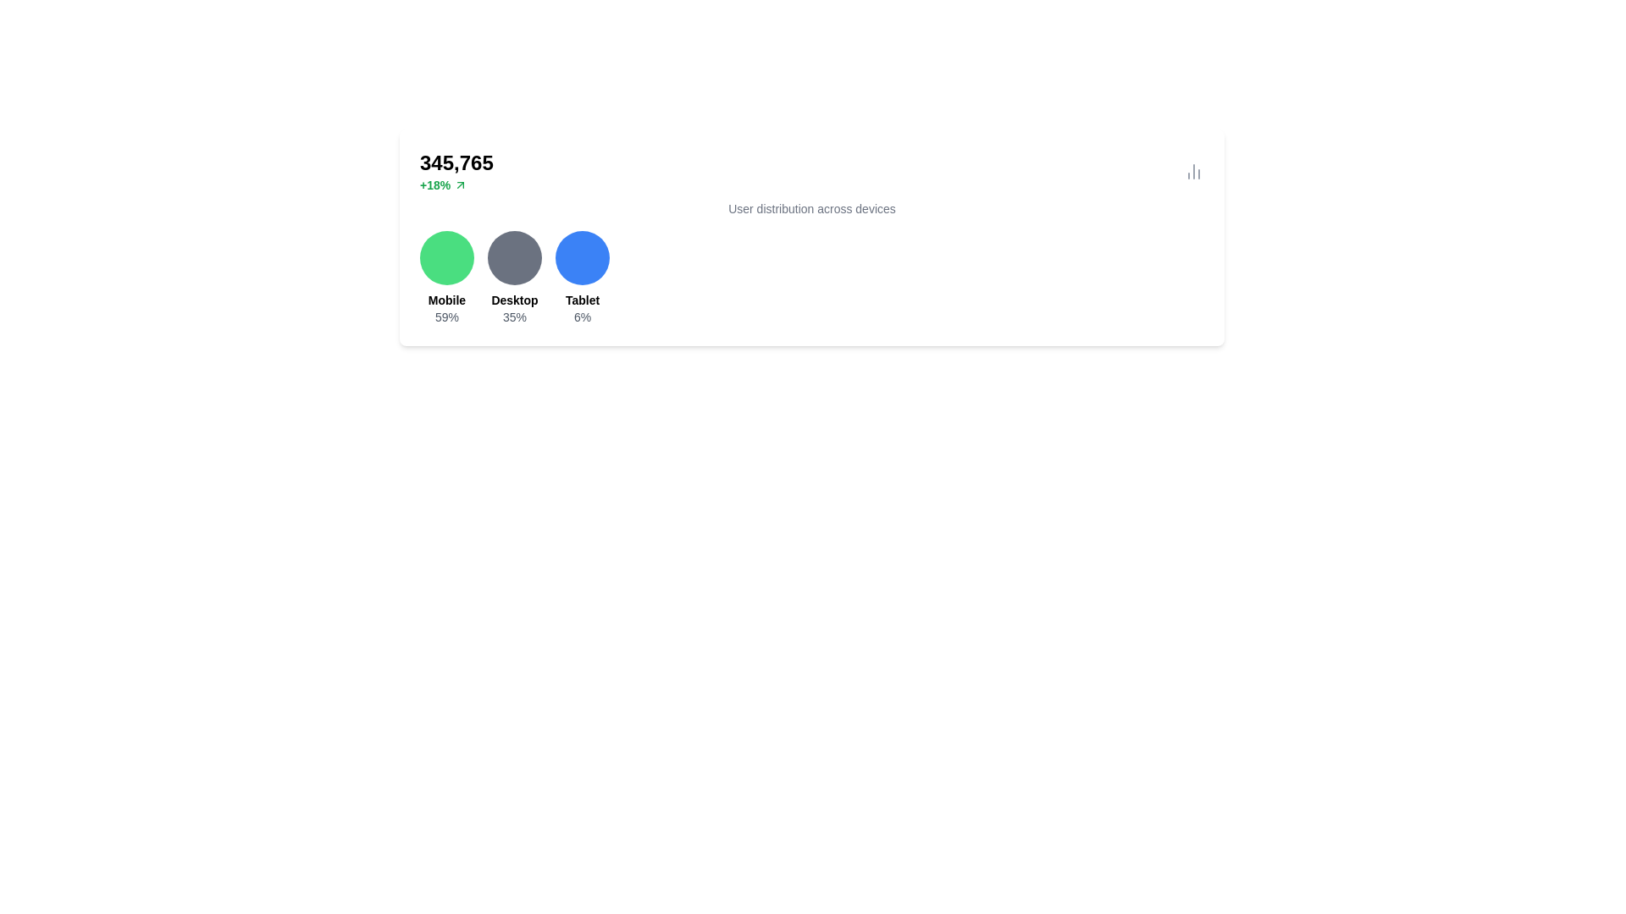 This screenshot has width=1626, height=914. I want to click on the informational display element that features a gray circular graphical representation with the text 'Desktop' in bold and '35%' in lighter font, positioned between the 'Mobile' and 'Tablet' sections, so click(514, 277).